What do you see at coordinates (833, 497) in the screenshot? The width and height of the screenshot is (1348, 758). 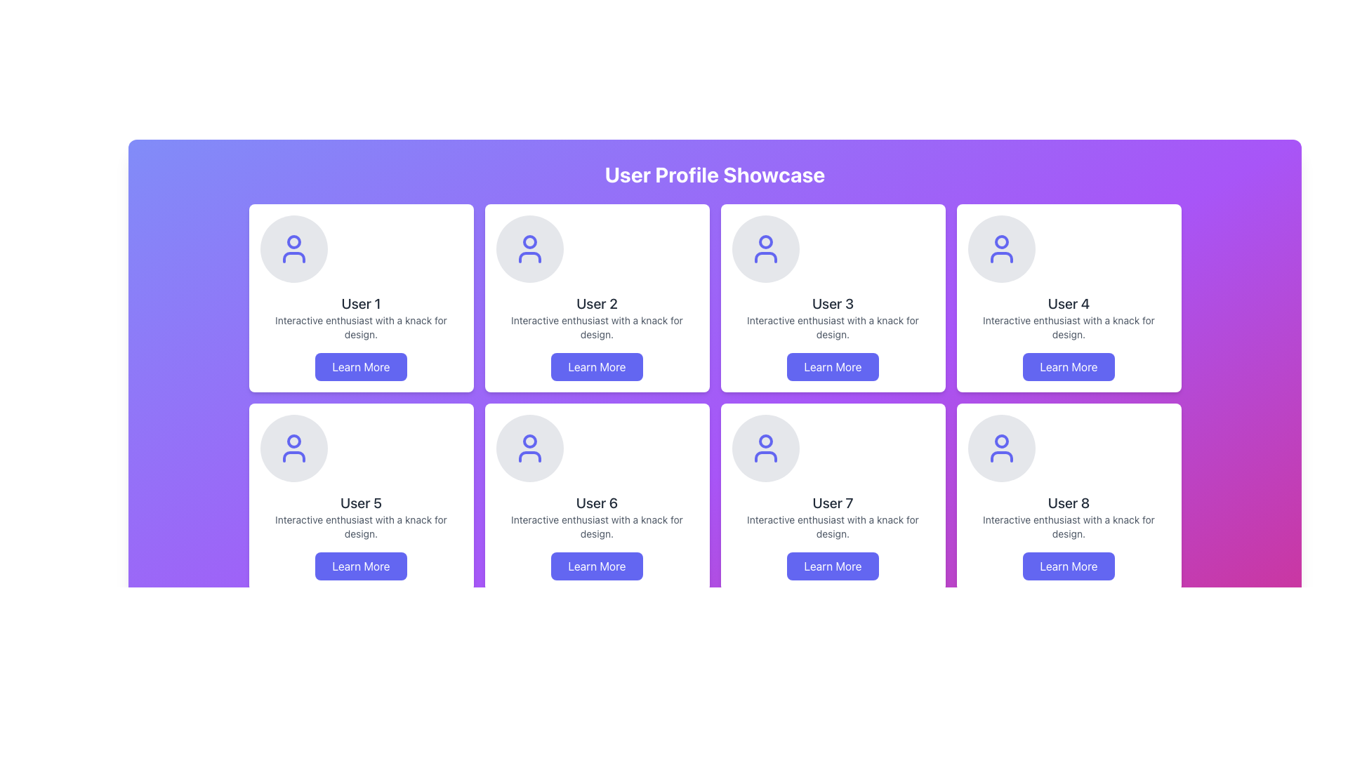 I see `the user profile card for 'User 7' located in the second row, fourth column of the grid layout to trigger hover effects` at bounding box center [833, 497].